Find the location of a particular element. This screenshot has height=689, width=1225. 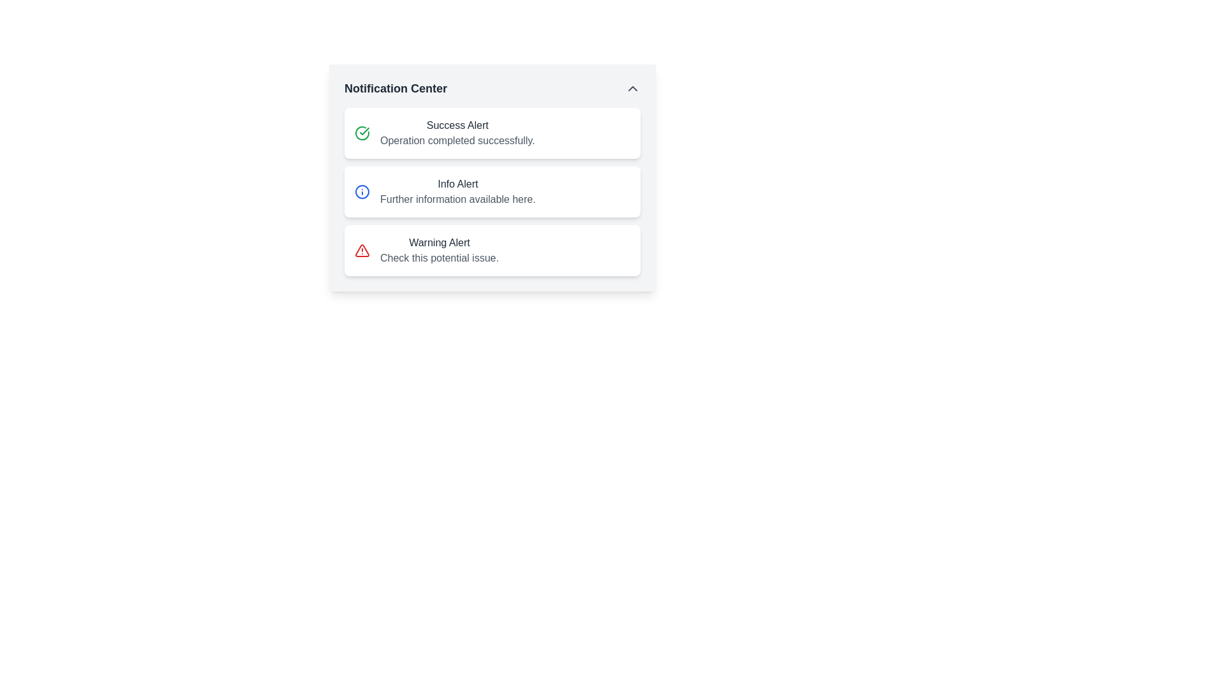

the chevron-shaped upward arrow icon button located on the right side of the 'Notification Center' header is located at coordinates (633, 87).